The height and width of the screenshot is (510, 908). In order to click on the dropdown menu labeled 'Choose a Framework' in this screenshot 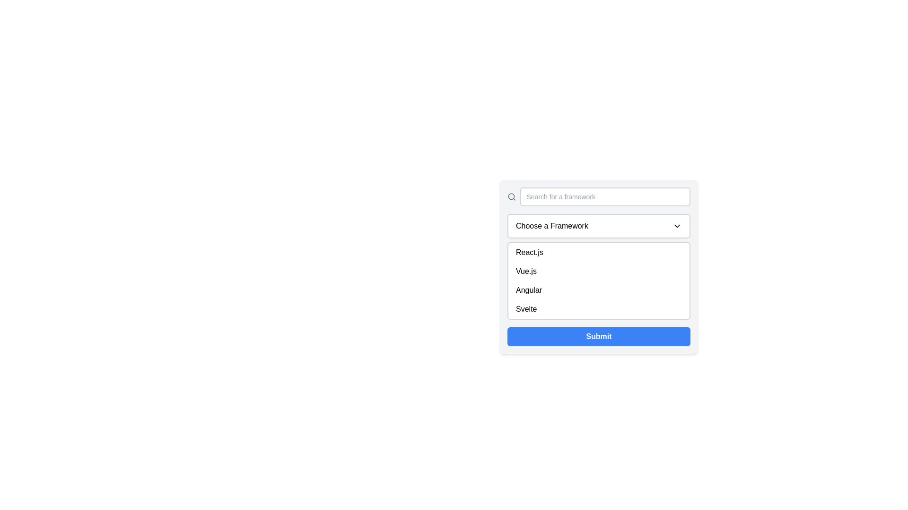, I will do `click(598, 226)`.